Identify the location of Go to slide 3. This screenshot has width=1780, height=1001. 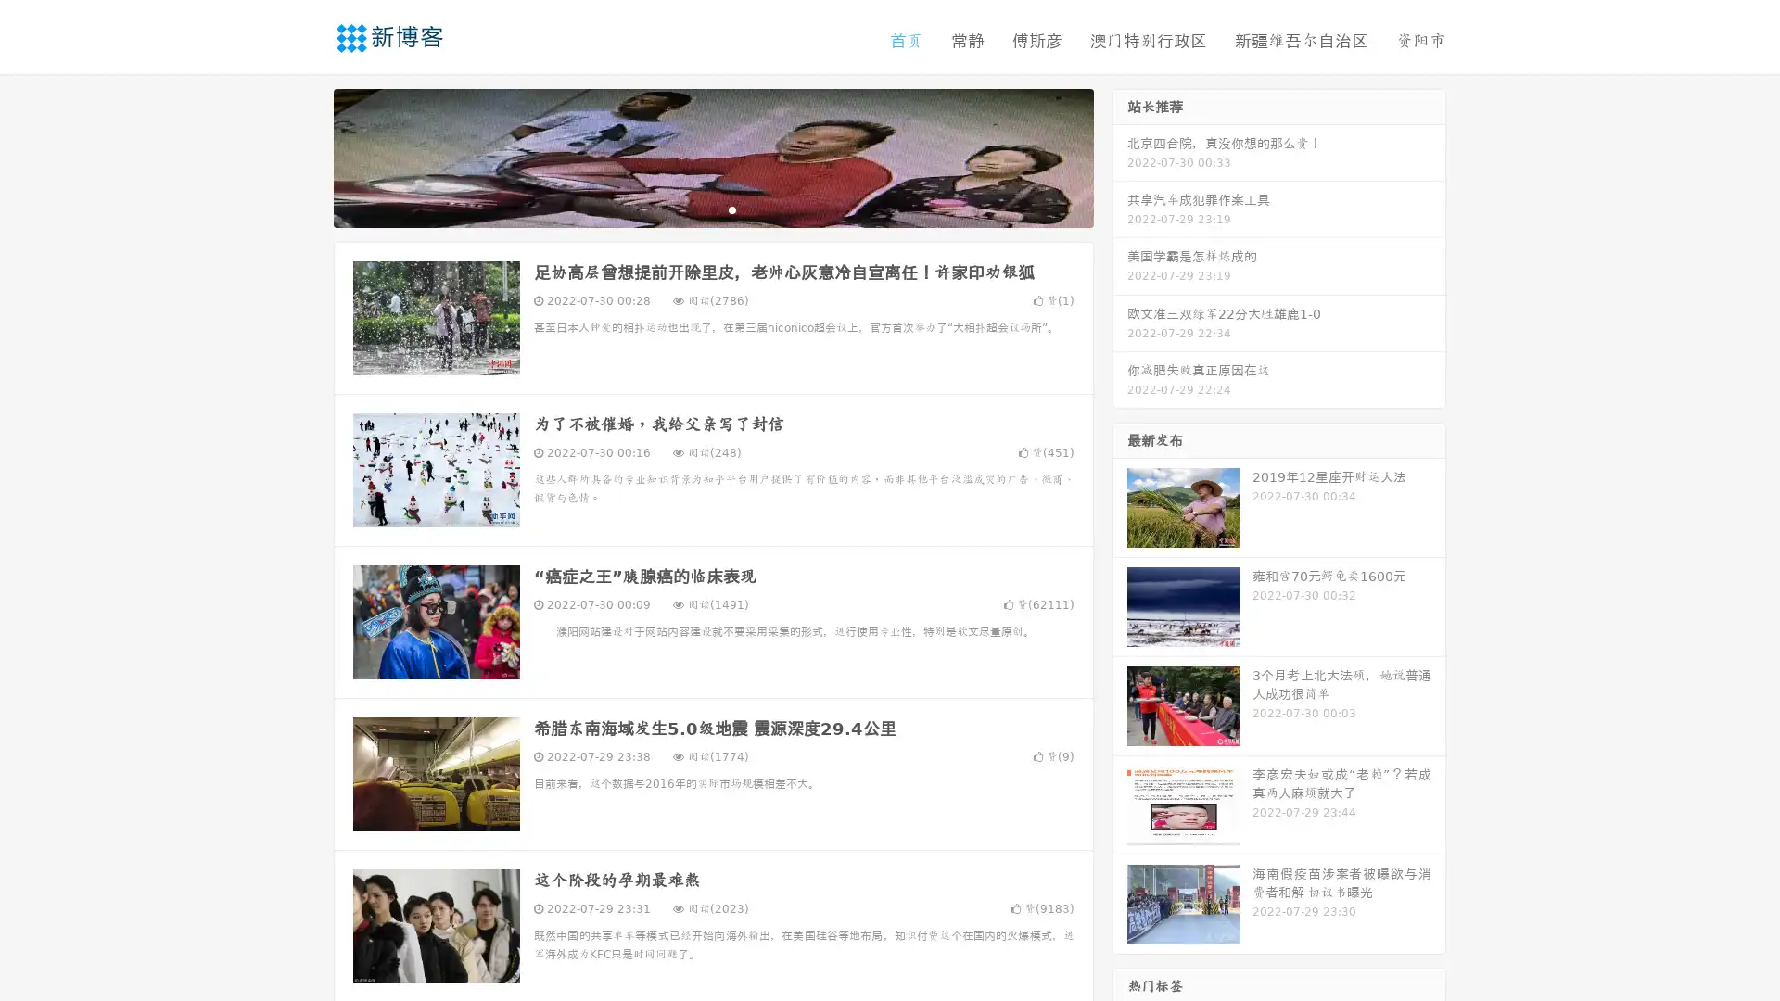
(731, 209).